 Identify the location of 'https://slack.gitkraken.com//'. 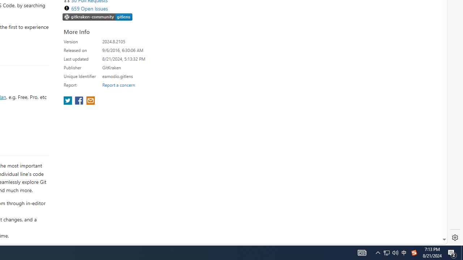
(97, 17).